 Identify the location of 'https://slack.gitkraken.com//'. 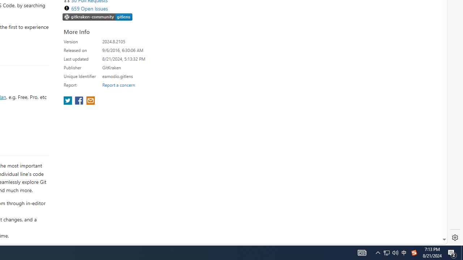
(97, 17).